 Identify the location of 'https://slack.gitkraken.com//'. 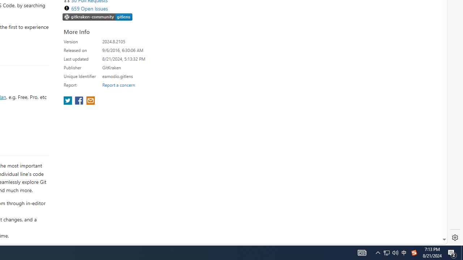
(97, 17).